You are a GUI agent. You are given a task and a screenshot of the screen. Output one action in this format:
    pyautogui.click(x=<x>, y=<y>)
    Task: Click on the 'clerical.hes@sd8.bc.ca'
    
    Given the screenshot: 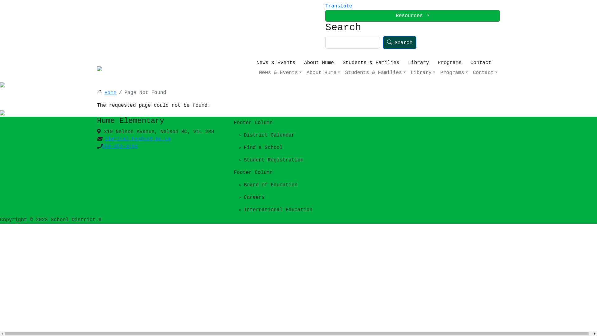 What is the action you would take?
    pyautogui.click(x=137, y=139)
    